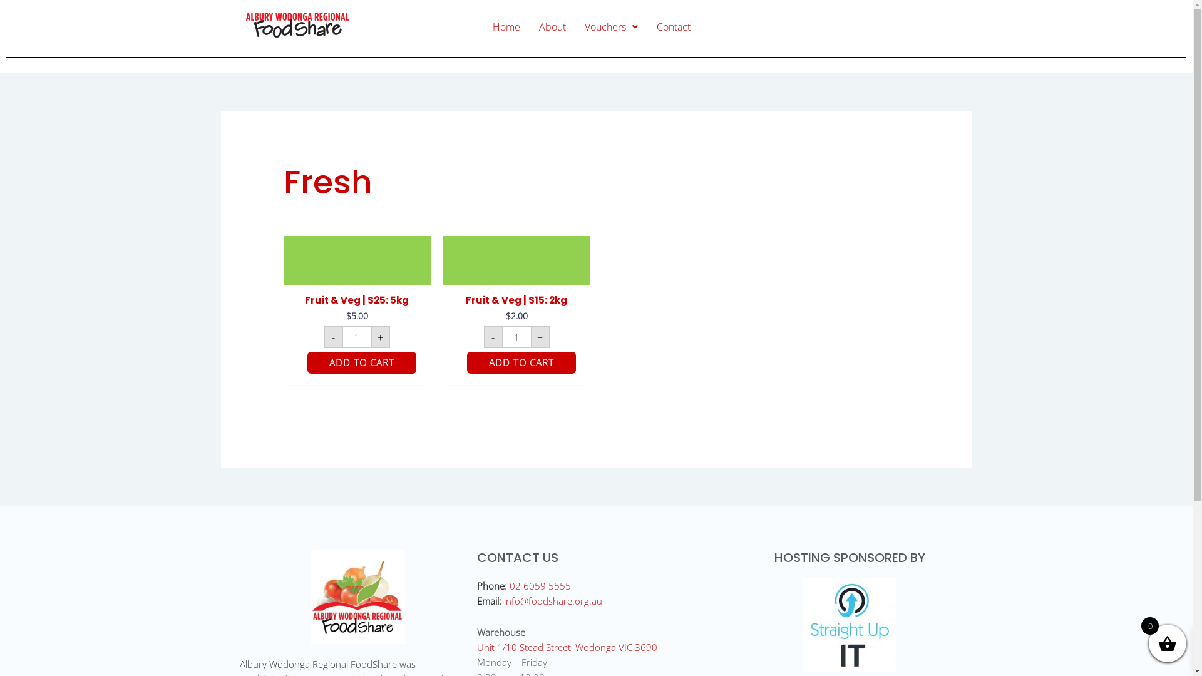 The image size is (1202, 676). What do you see at coordinates (531, 336) in the screenshot?
I see `'+'` at bounding box center [531, 336].